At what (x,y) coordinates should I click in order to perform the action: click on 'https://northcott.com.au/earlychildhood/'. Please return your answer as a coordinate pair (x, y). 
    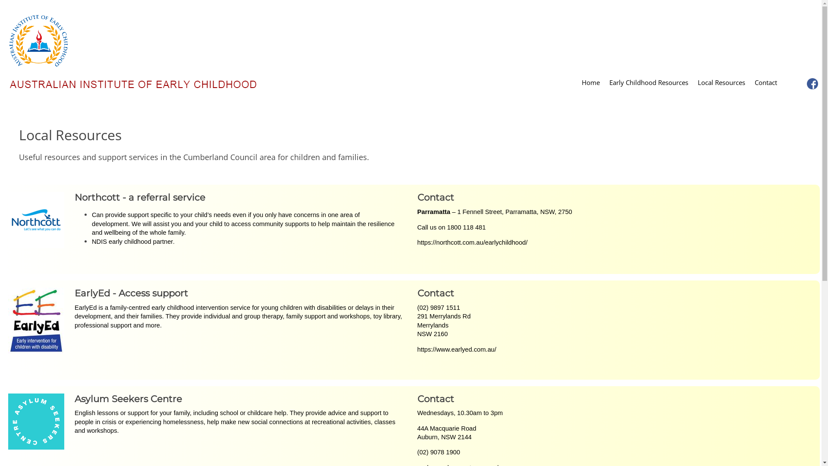
    Looking at the image, I should click on (472, 242).